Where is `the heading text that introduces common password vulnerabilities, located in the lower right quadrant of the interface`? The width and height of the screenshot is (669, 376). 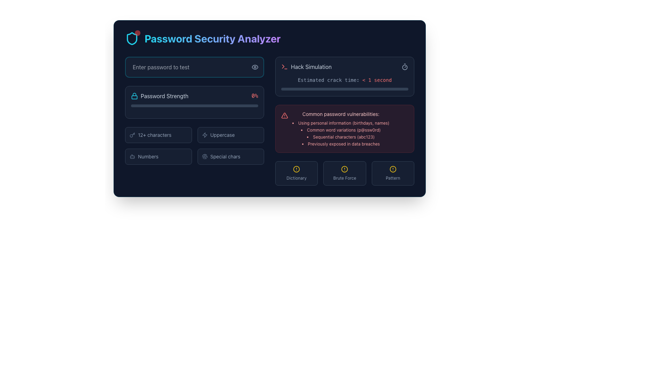 the heading text that introduces common password vulnerabilities, located in the lower right quadrant of the interface is located at coordinates (341, 113).